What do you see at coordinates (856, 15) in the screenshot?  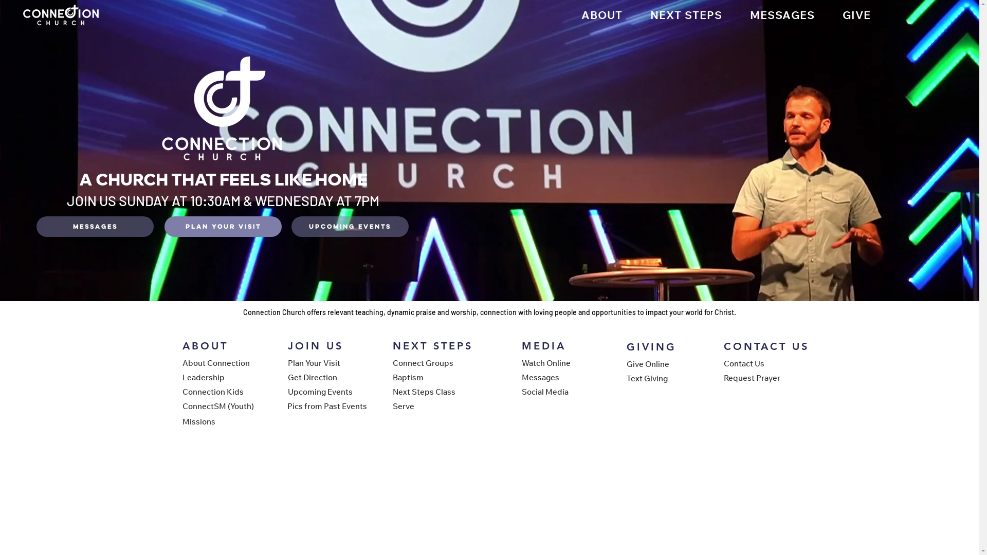 I see `'GIVE'` at bounding box center [856, 15].